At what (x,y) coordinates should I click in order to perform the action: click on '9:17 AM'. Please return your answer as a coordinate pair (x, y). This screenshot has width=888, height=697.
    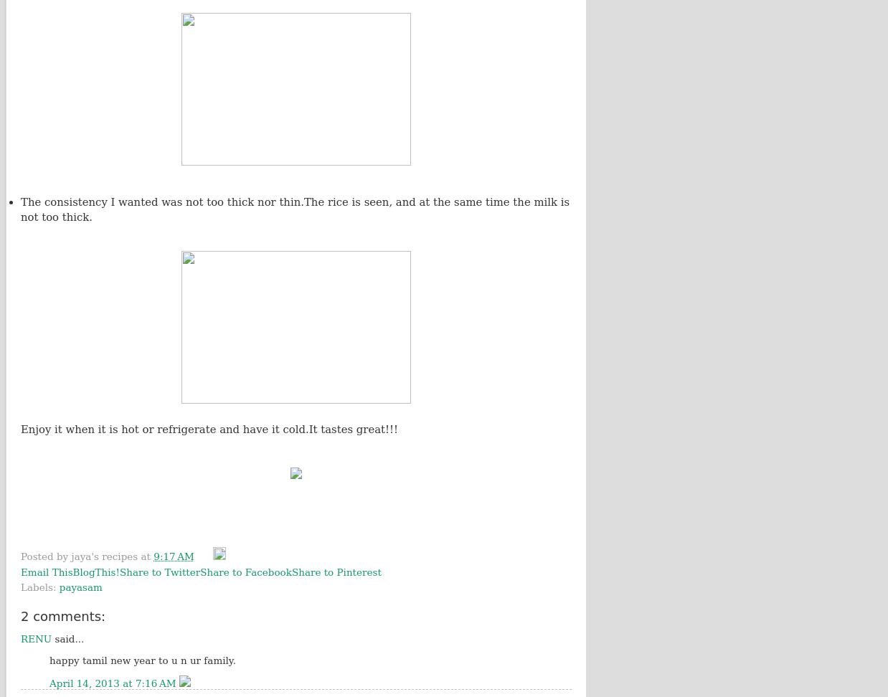
    Looking at the image, I should click on (173, 556).